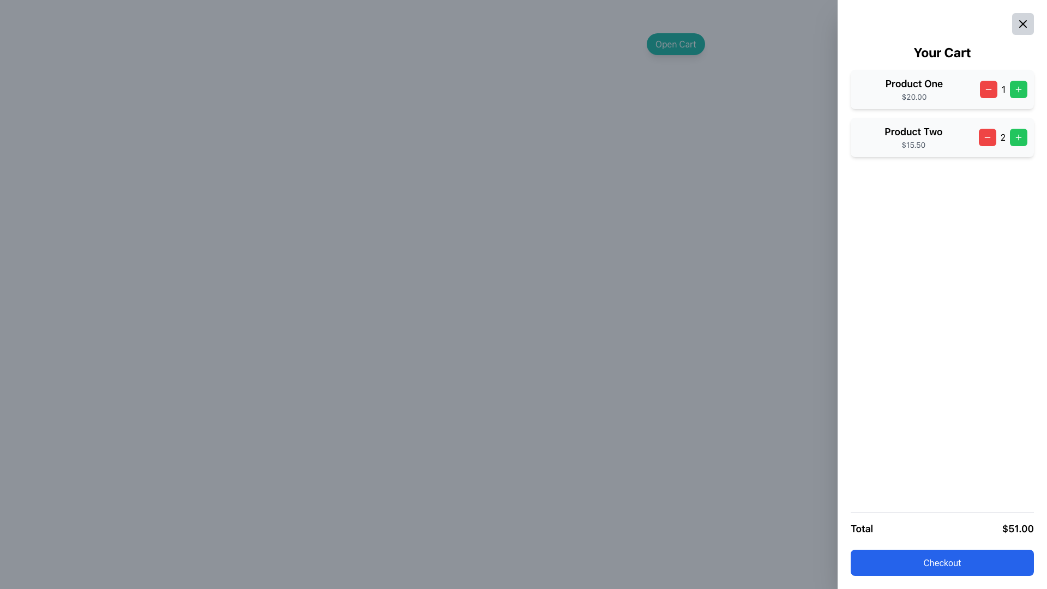 Image resolution: width=1047 pixels, height=589 pixels. What do you see at coordinates (1003, 136) in the screenshot?
I see `the Static Text Display that shows the quantity or count of items, positioned between decrement and increment buttons in the second product row` at bounding box center [1003, 136].